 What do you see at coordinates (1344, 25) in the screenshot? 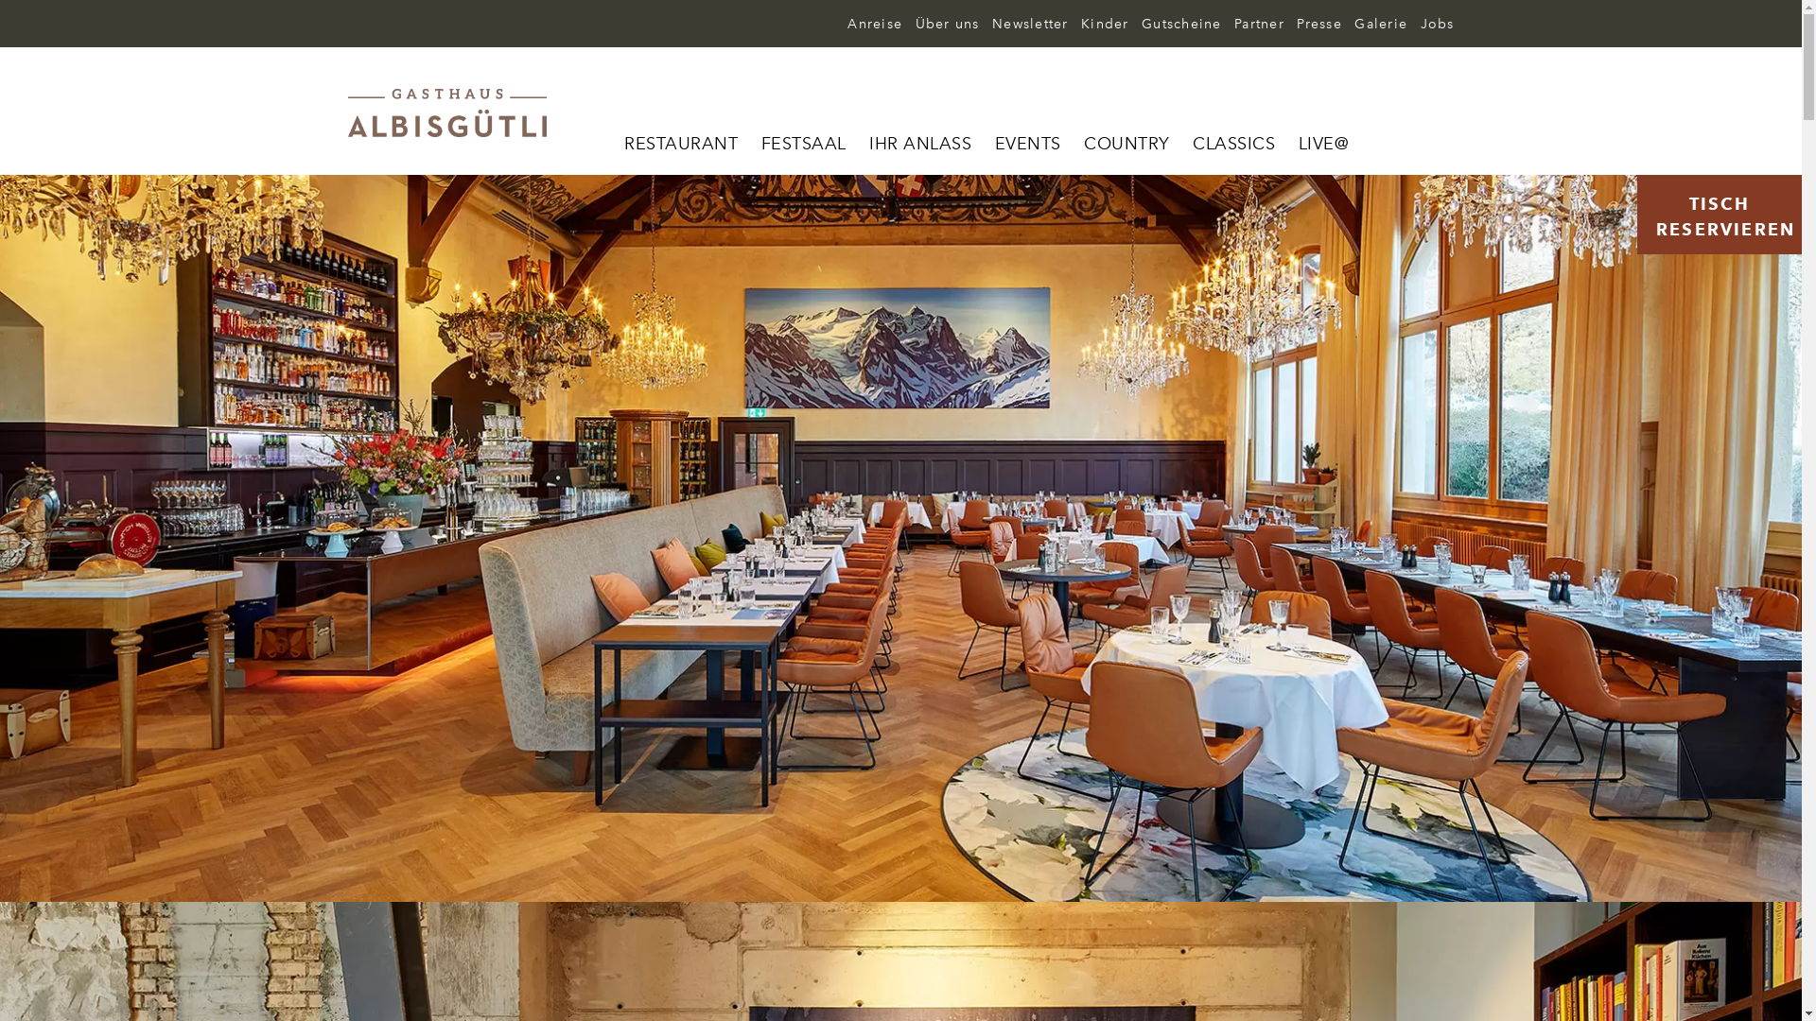
I see `'Galerie'` at bounding box center [1344, 25].